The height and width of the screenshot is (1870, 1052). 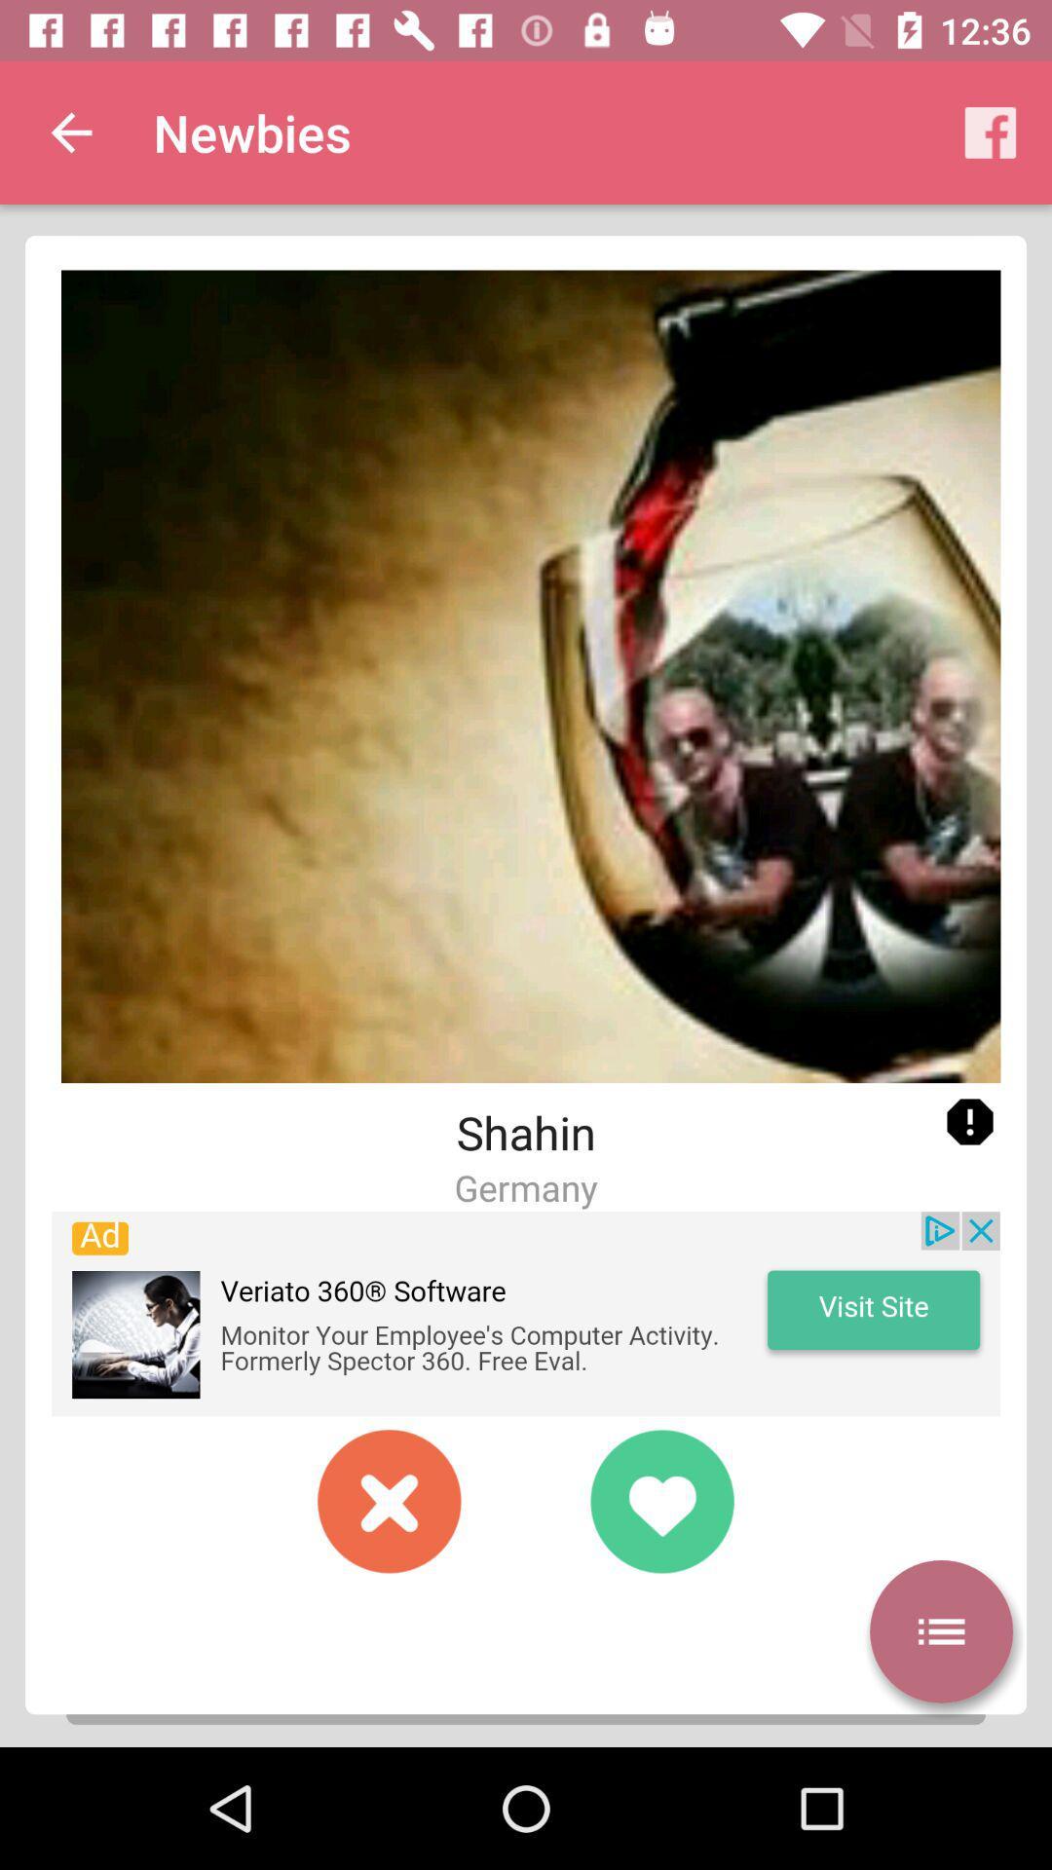 I want to click on like, so click(x=660, y=1500).